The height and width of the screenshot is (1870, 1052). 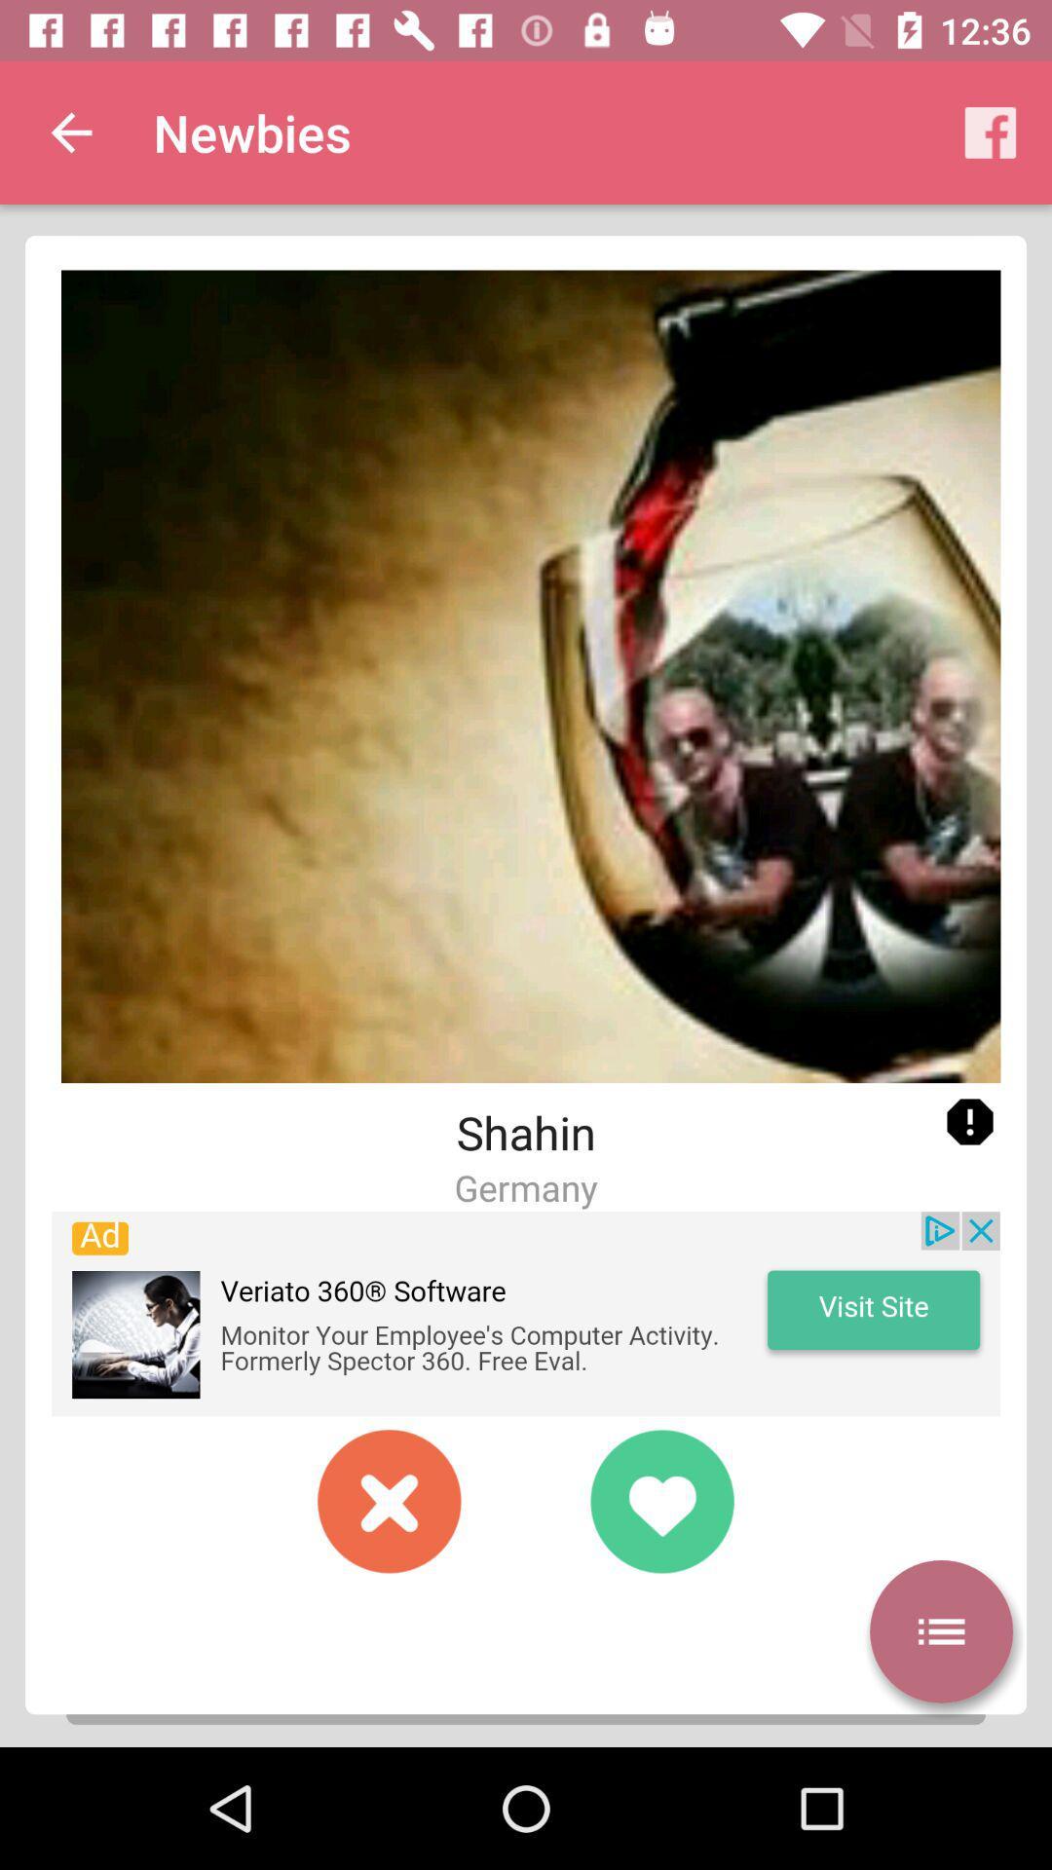 I want to click on like, so click(x=660, y=1500).